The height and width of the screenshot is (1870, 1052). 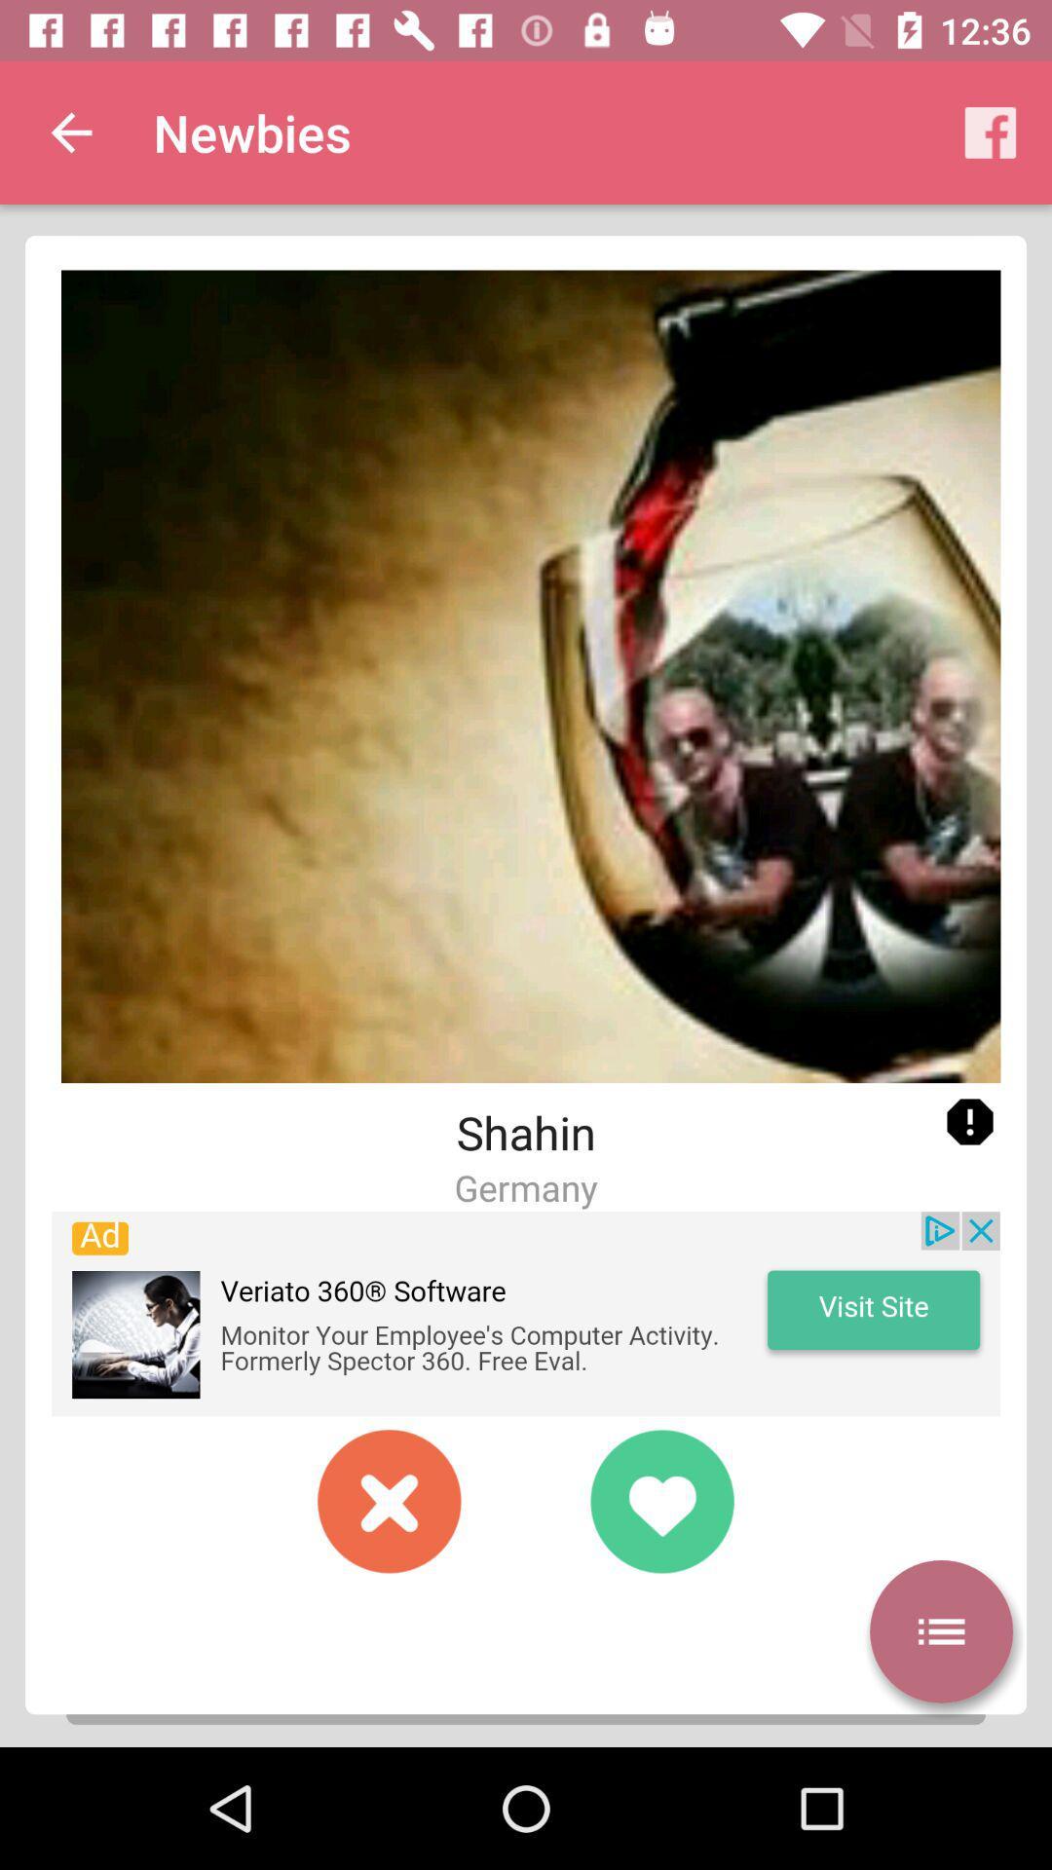 I want to click on like, so click(x=660, y=1500).